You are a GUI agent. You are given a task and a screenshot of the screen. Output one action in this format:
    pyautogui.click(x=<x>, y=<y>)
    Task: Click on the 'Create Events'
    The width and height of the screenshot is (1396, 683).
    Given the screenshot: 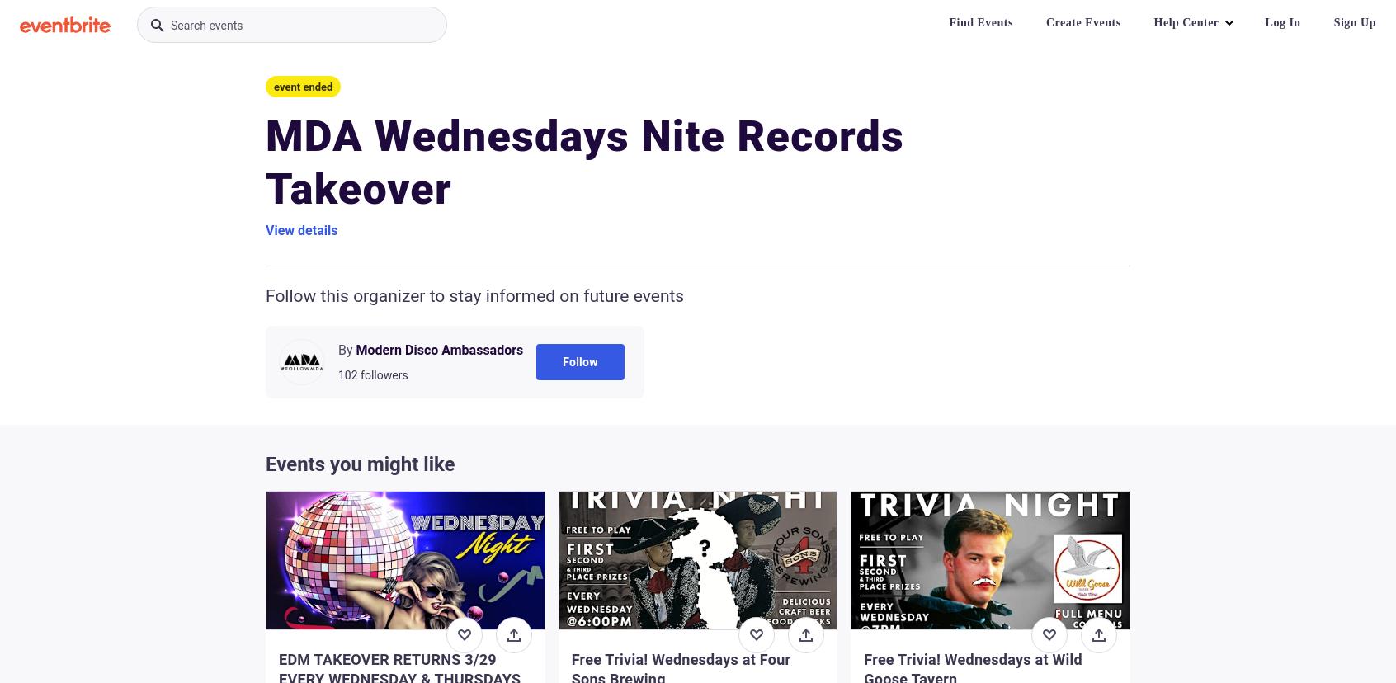 What is the action you would take?
    pyautogui.click(x=1082, y=22)
    